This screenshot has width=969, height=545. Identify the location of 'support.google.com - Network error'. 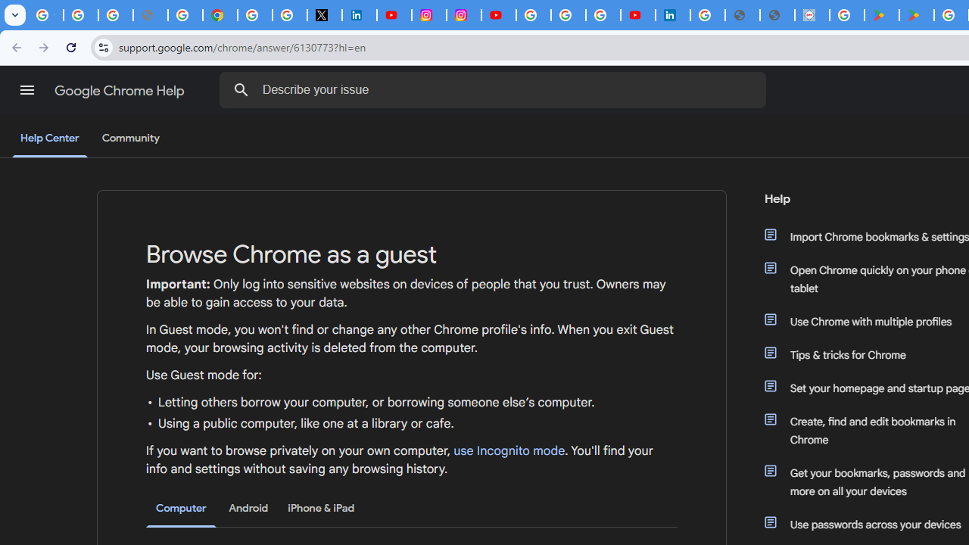
(150, 15).